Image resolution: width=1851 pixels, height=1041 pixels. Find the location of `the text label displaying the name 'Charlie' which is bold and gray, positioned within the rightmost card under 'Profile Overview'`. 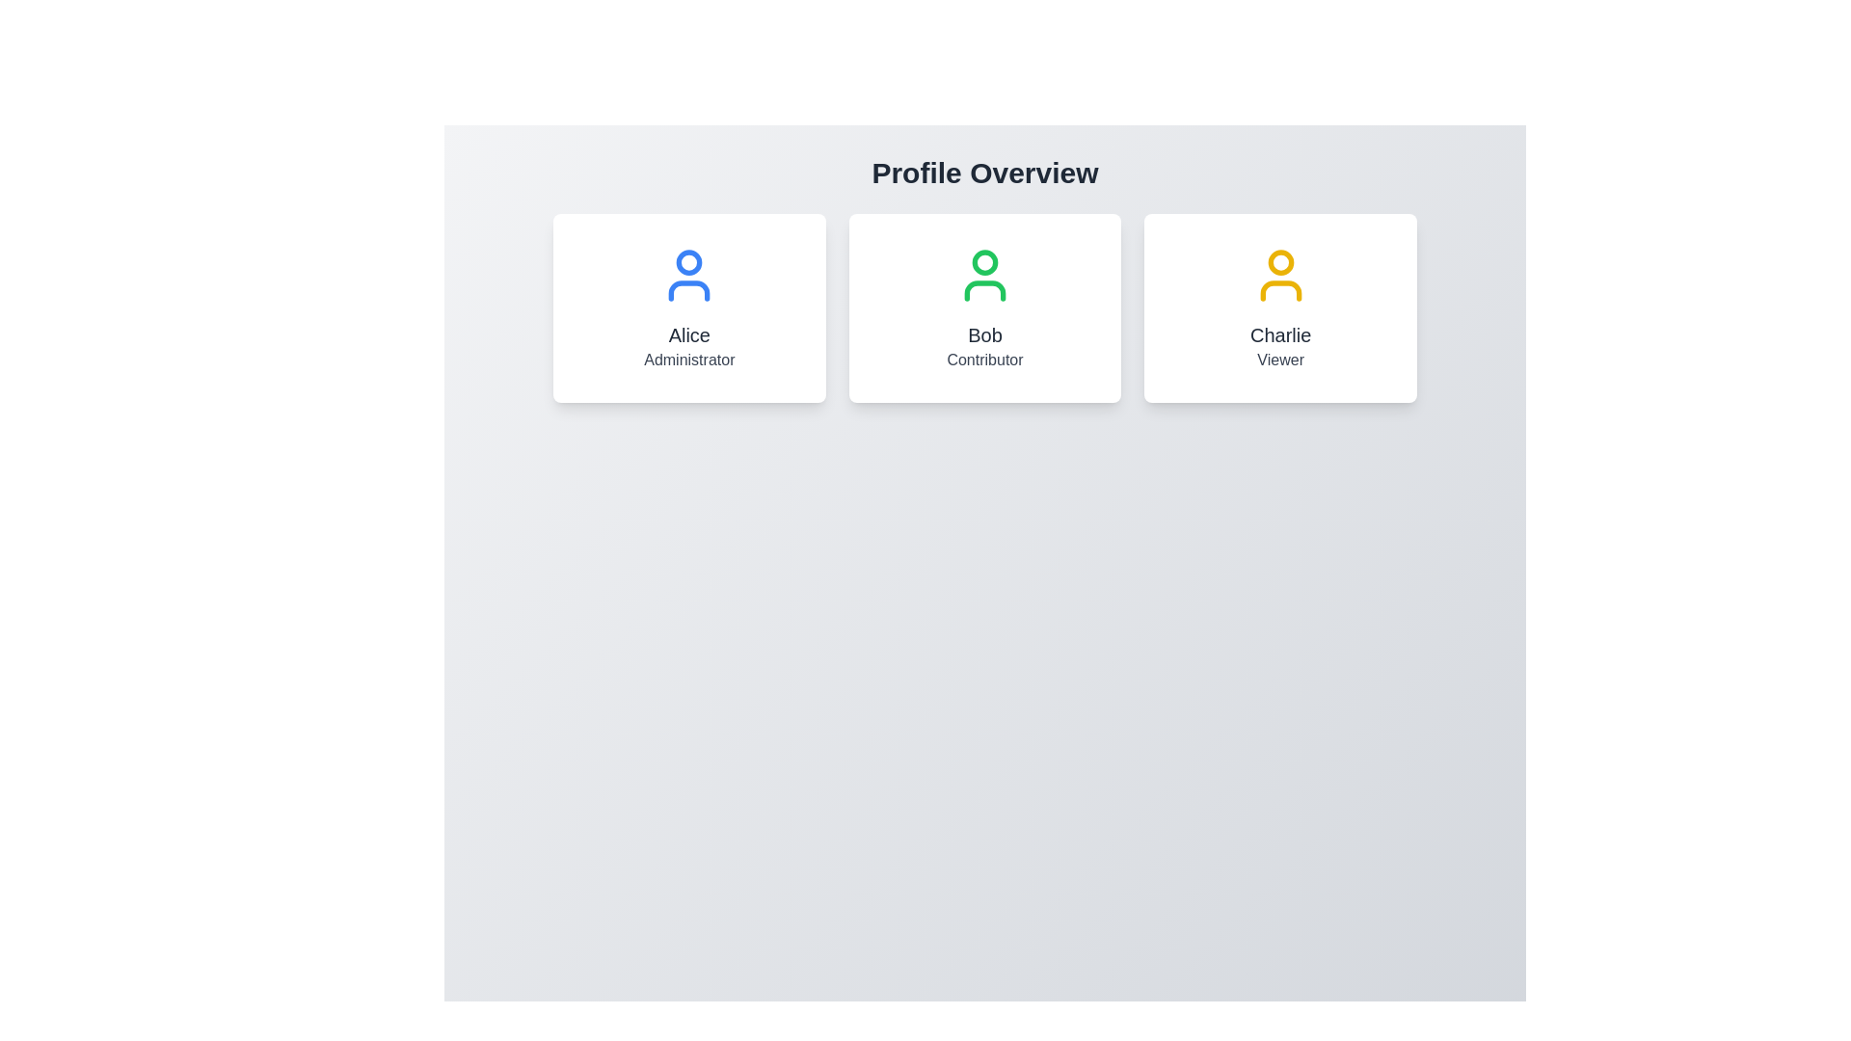

the text label displaying the name 'Charlie' which is bold and gray, positioned within the rightmost card under 'Profile Overview' is located at coordinates (1280, 334).